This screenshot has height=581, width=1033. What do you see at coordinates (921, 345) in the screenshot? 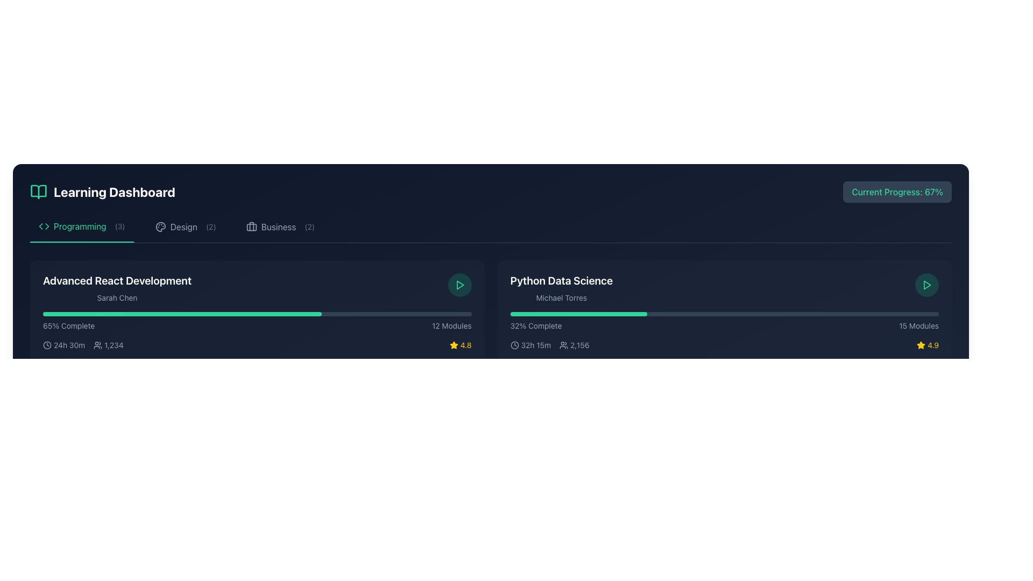
I see `the star icon representing the rating system for the 'Python Data Science' card located at the bottom-right corner, next to the rating '4.9'` at bounding box center [921, 345].